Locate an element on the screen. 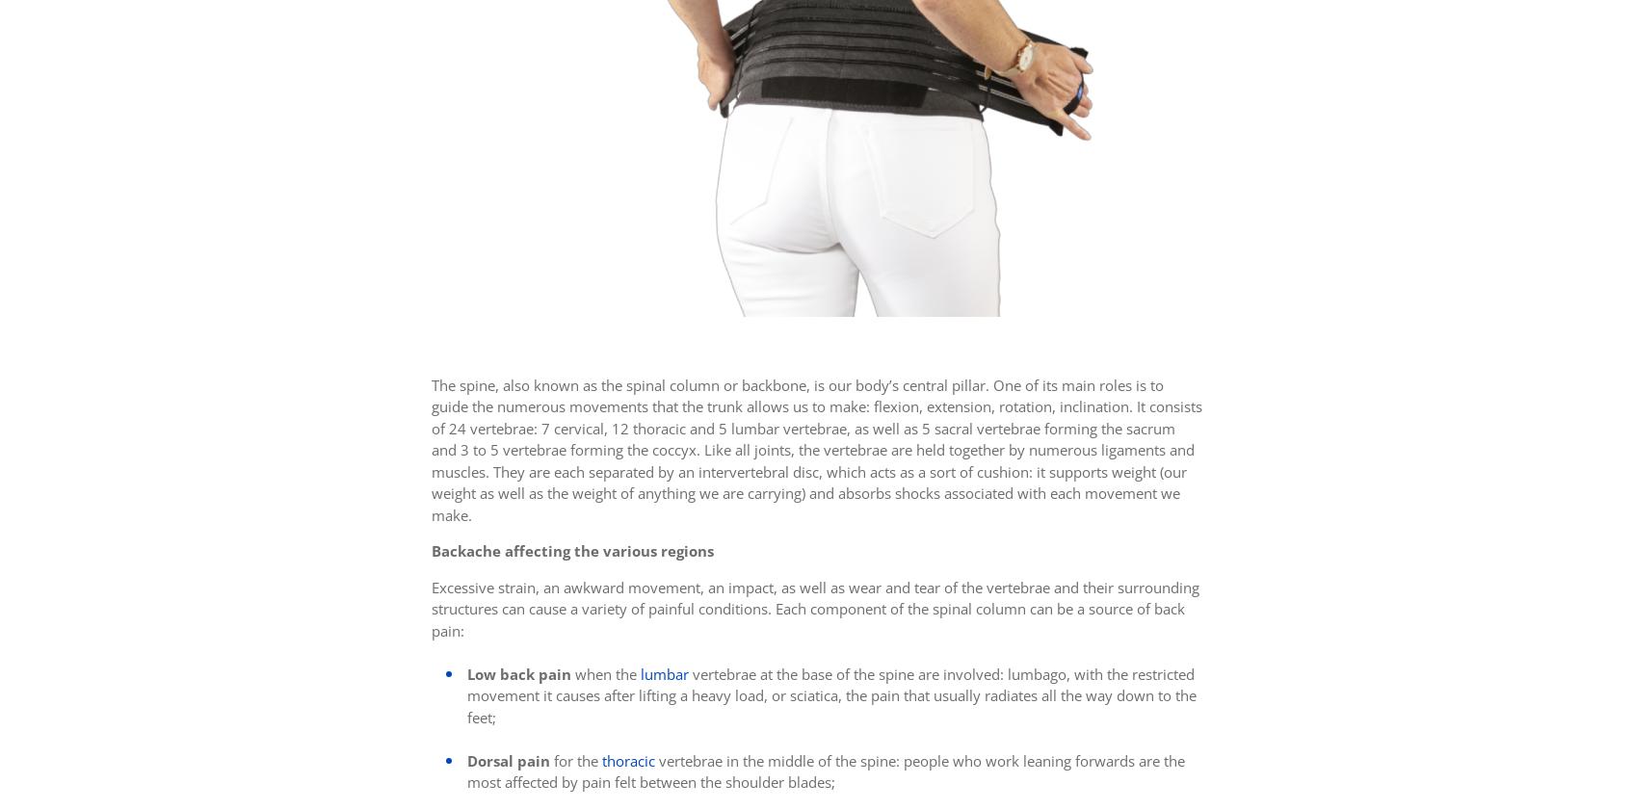 This screenshot has height=810, width=1633. 'vertebrae at the base of the spine are involved: lumbago, with the restricted movement it causes after lifting a heavy load, or sciatica, the pain that usually radiates all the way down to the feet;' is located at coordinates (830, 694).